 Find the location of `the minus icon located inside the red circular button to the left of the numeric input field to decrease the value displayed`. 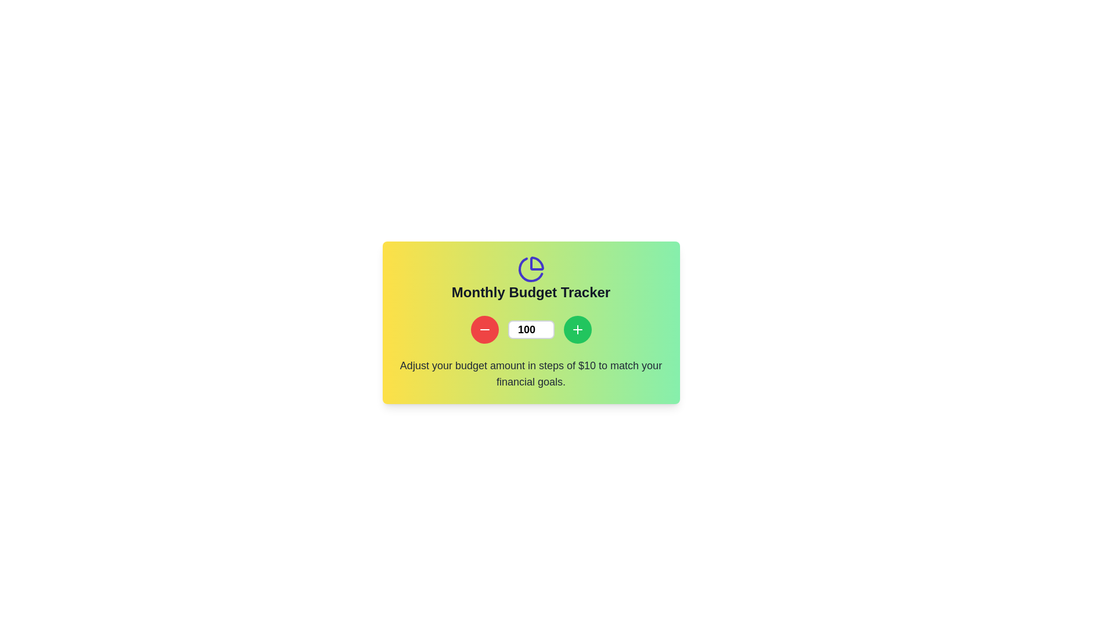

the minus icon located inside the red circular button to the left of the numeric input field to decrease the value displayed is located at coordinates (484, 329).